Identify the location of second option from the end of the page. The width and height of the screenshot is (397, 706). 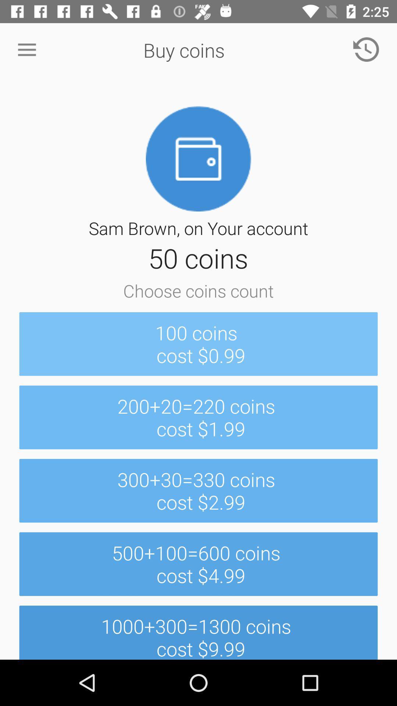
(198, 564).